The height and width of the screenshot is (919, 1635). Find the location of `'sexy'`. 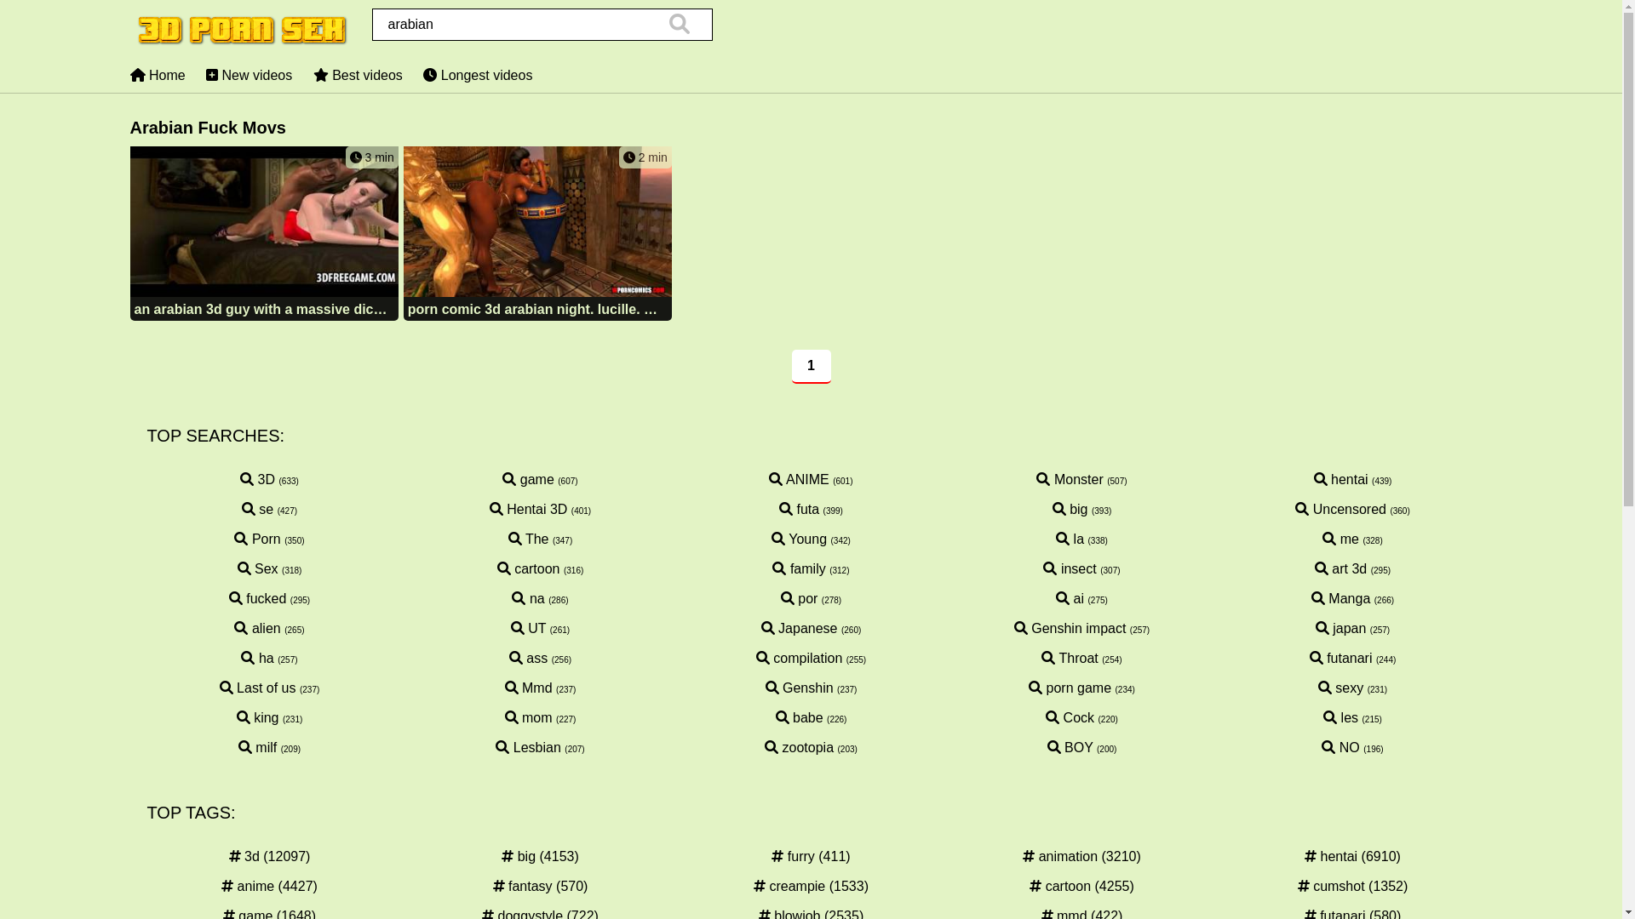

'sexy' is located at coordinates (1340, 687).